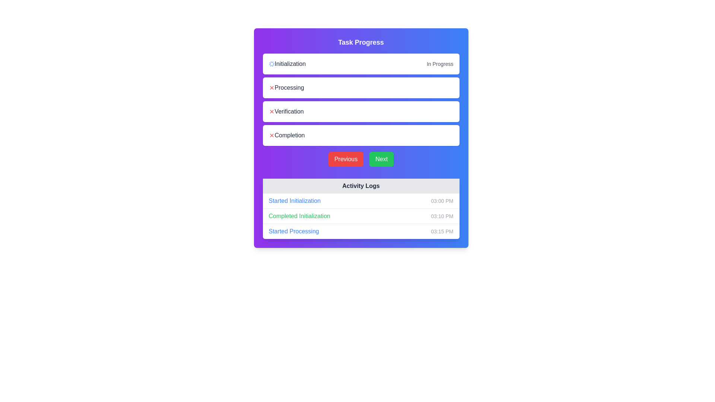  I want to click on the 'Processing' step in the Step indicator group with progress tracker, so click(361, 99).